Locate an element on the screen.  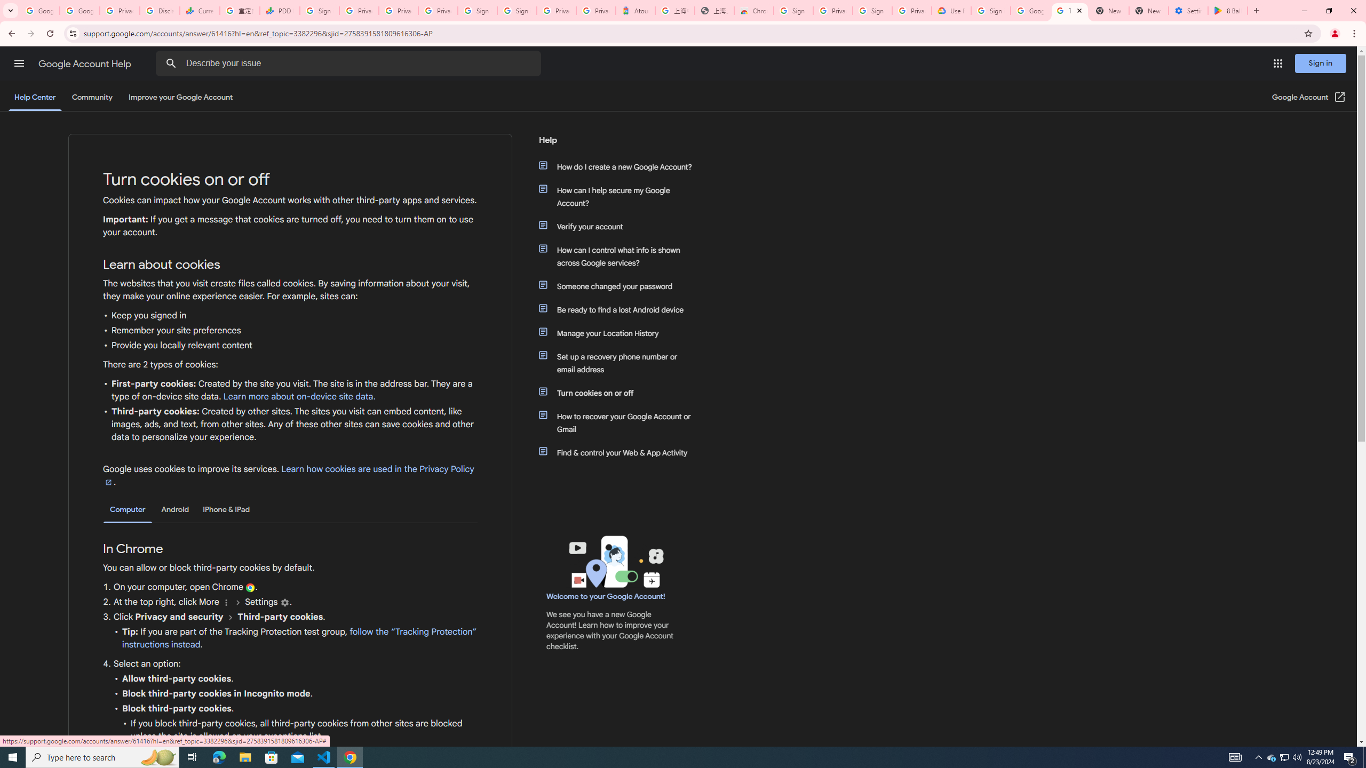
'How can I control what info is shown across Google services?' is located at coordinates (620, 255).